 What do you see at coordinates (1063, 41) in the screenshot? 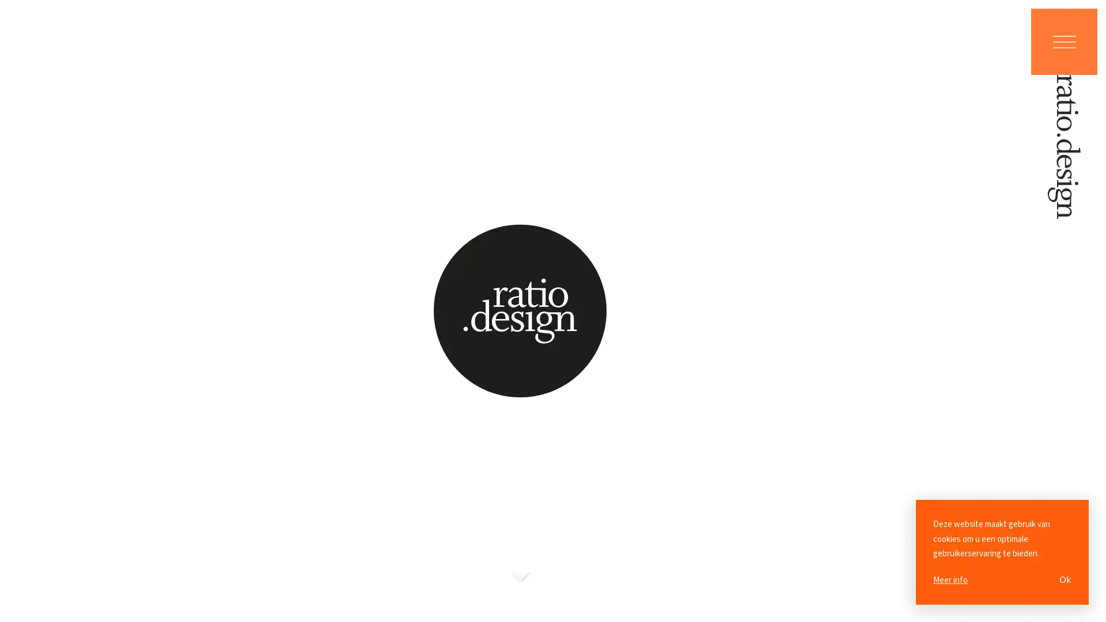
I see `Open menu` at bounding box center [1063, 41].